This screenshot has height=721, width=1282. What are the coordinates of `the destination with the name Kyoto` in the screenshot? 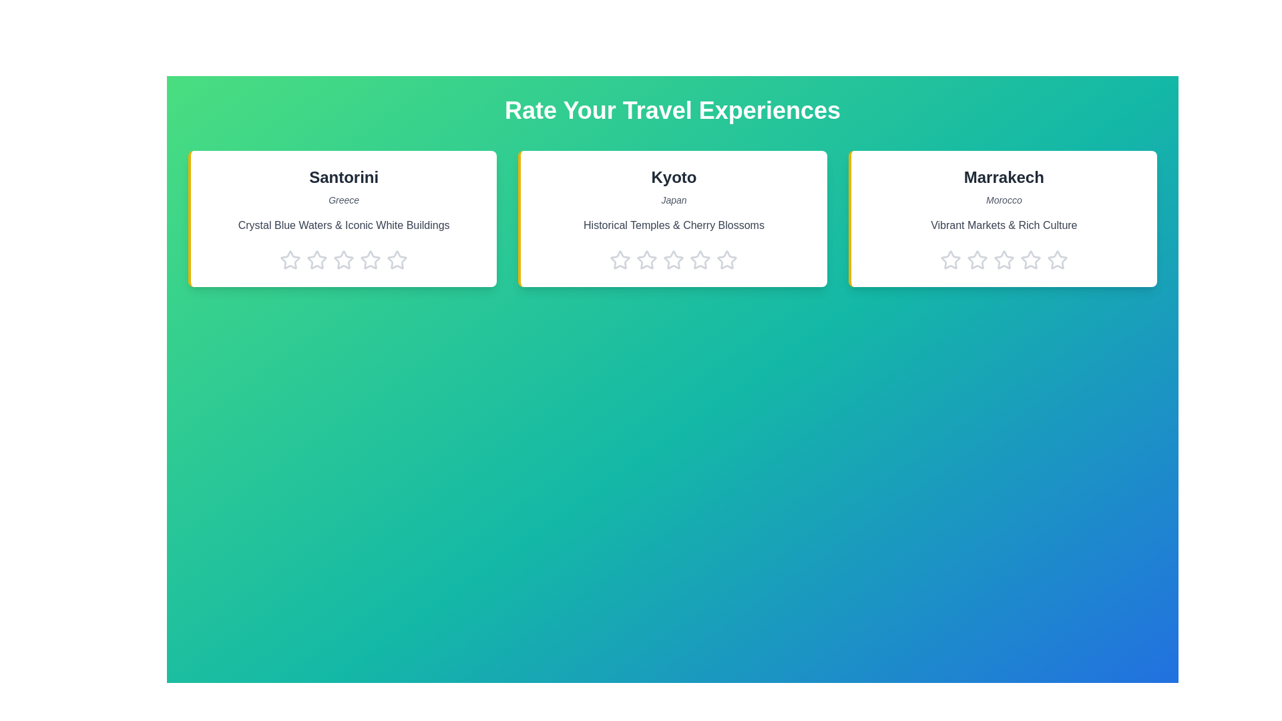 It's located at (673, 177).